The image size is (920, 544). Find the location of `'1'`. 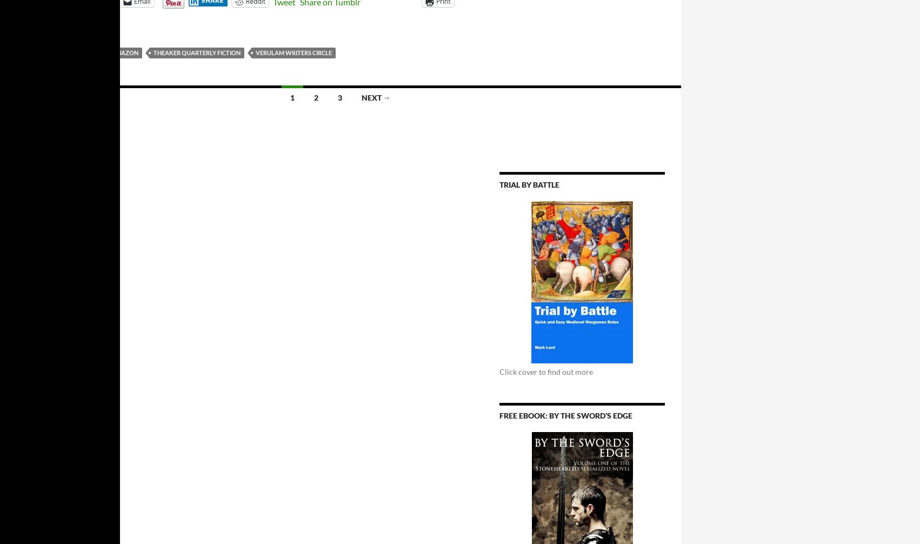

'1' is located at coordinates (291, 97).